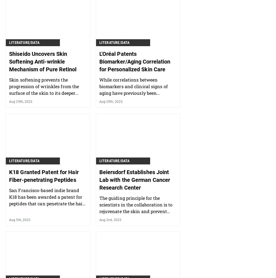  Describe the element at coordinates (99, 62) in the screenshot. I see `'L'Oréal Patents Biomarker/Aging Correlation for Personalized Skin Care'` at that location.